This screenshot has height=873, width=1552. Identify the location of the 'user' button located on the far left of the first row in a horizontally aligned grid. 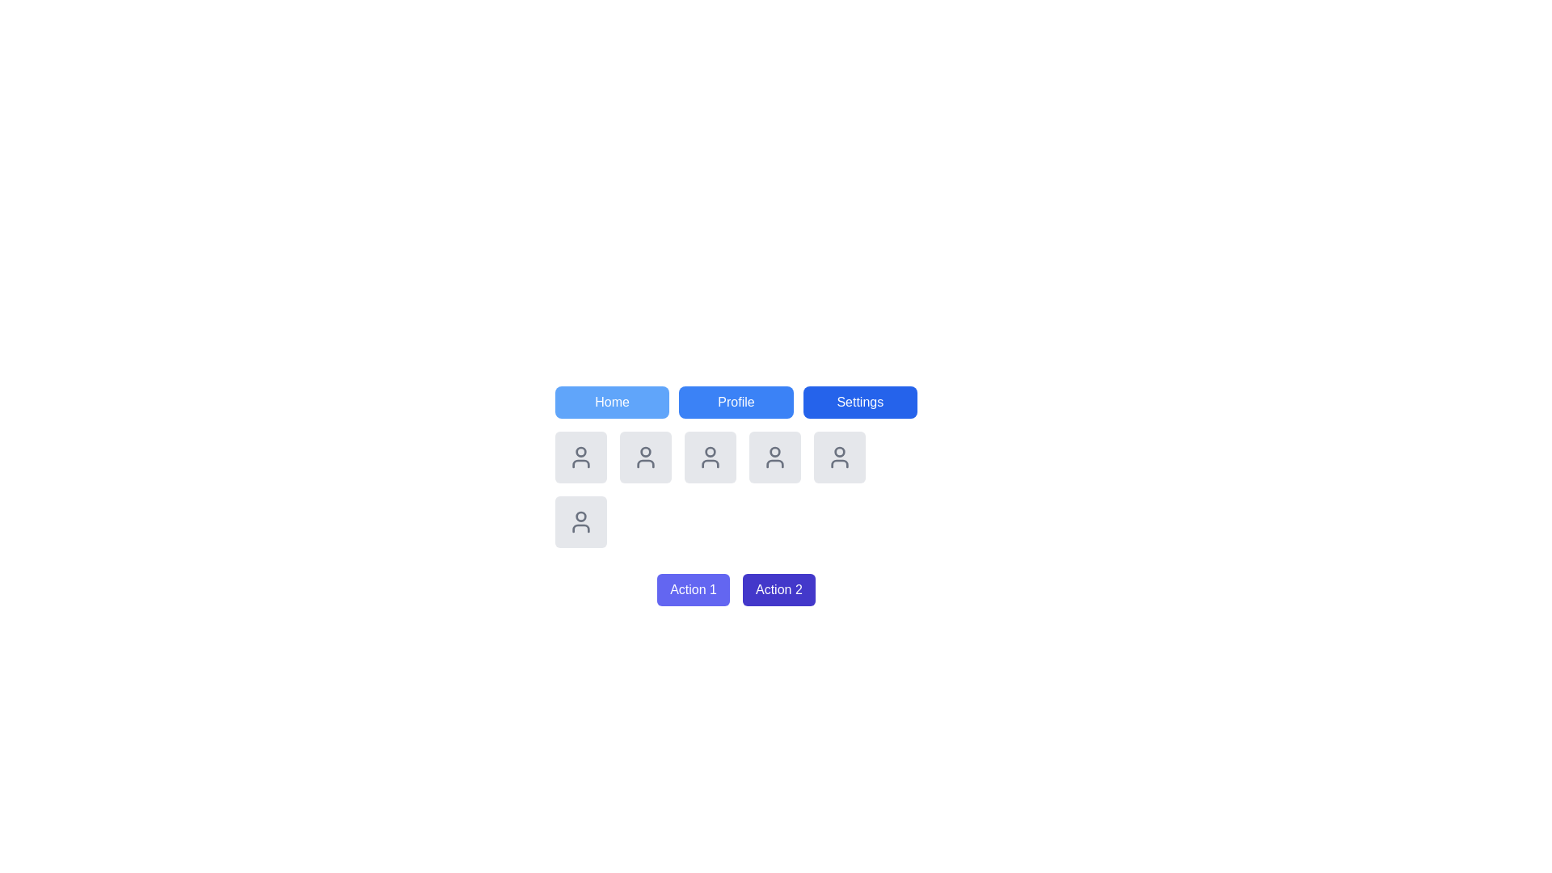
(581, 458).